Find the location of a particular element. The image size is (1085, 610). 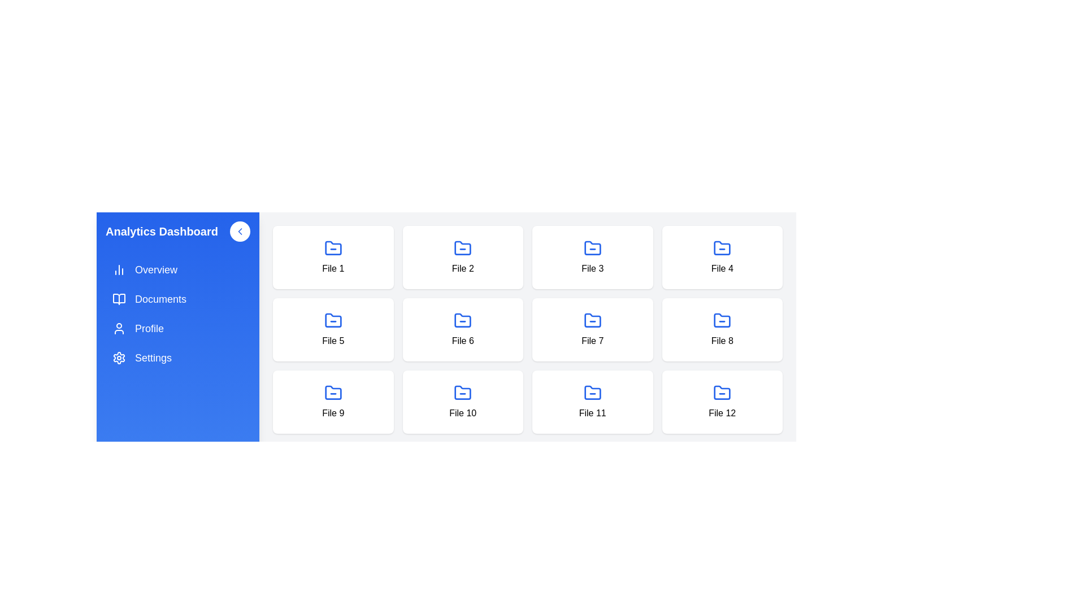

the sidebar item Profile to observe interaction feedback is located at coordinates (177, 329).